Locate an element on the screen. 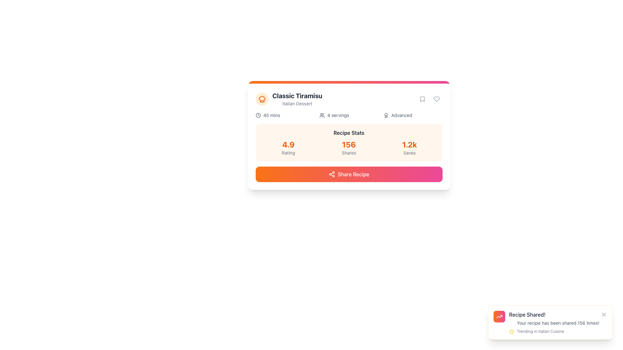 The image size is (623, 350). the medal or award icon located to the left of the text 'Advanced' in the recipe details card is located at coordinates (386, 115).